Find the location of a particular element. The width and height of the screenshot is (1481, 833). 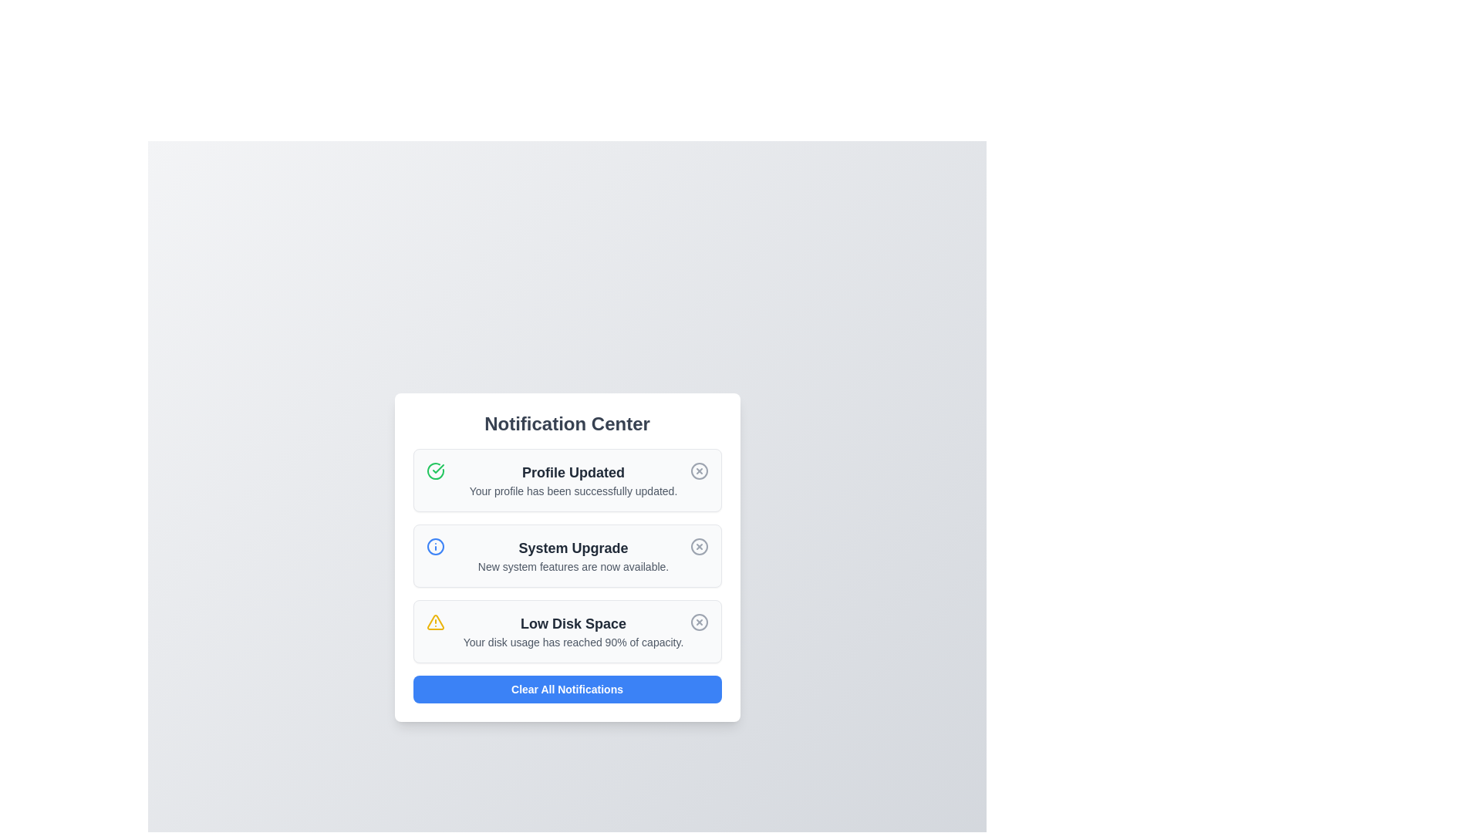

the close button located at the top-right corner of the 'Profile Updated' notification is located at coordinates (698, 470).